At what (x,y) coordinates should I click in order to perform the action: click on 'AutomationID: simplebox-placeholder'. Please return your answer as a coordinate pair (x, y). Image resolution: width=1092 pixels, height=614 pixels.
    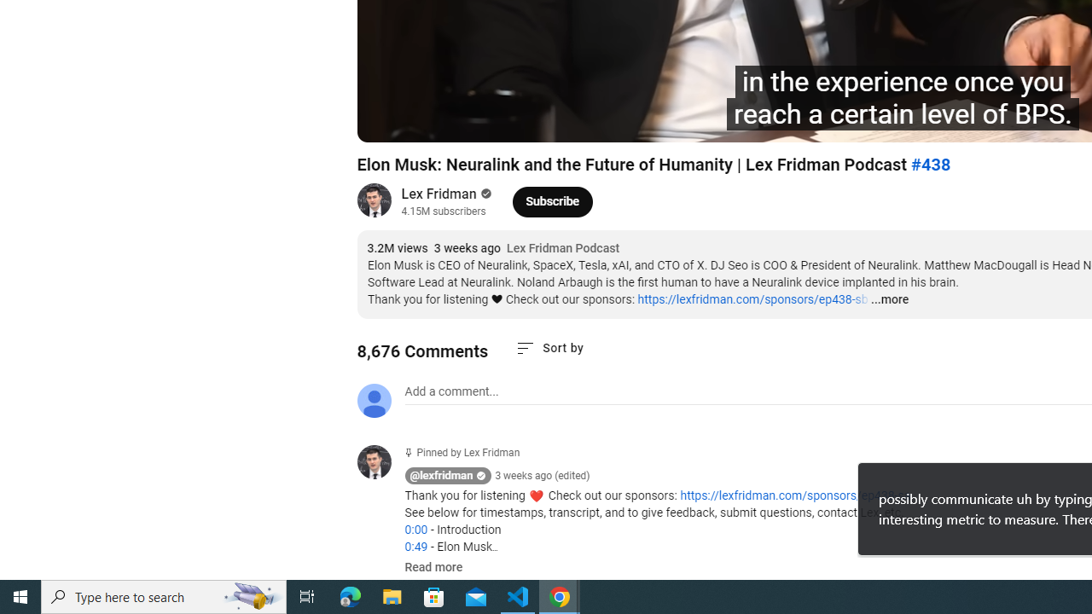
    Looking at the image, I should click on (451, 391).